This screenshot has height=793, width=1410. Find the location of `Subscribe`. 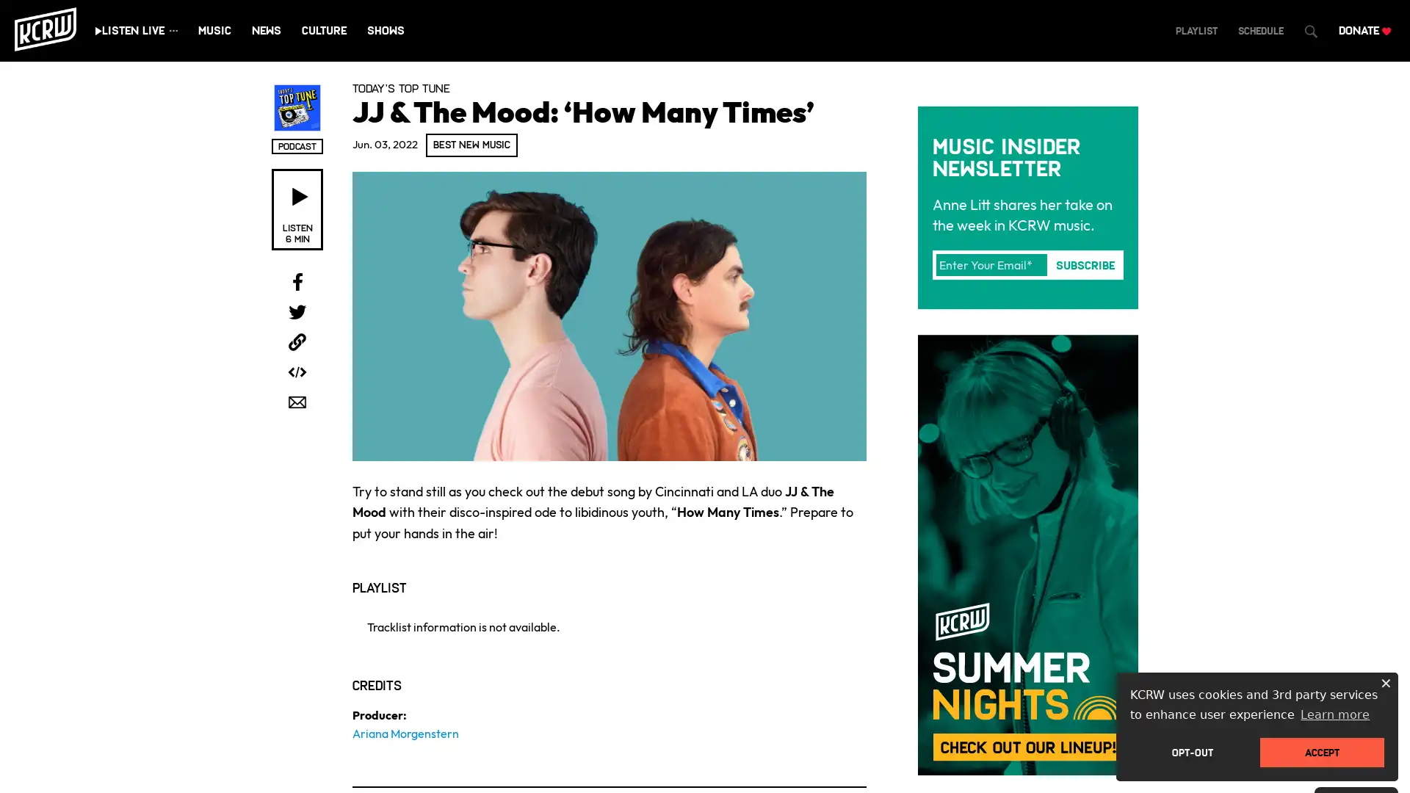

Subscribe is located at coordinates (1085, 265).